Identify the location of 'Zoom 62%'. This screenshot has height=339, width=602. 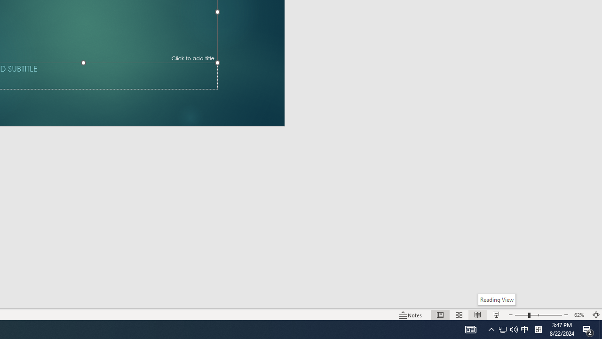
(580, 315).